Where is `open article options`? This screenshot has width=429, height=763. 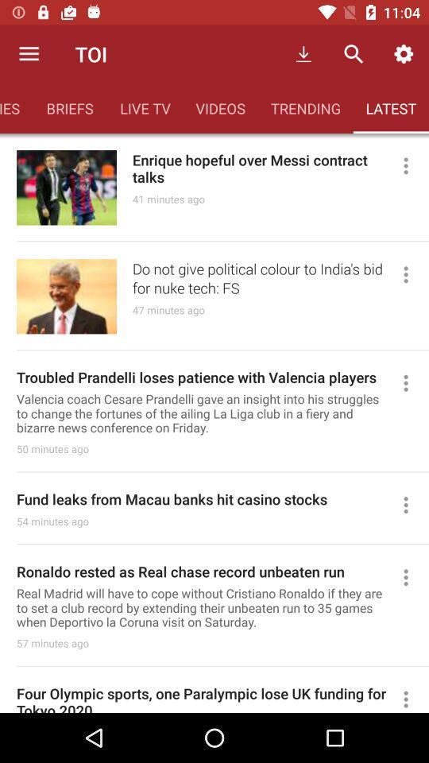 open article options is located at coordinates (412, 274).